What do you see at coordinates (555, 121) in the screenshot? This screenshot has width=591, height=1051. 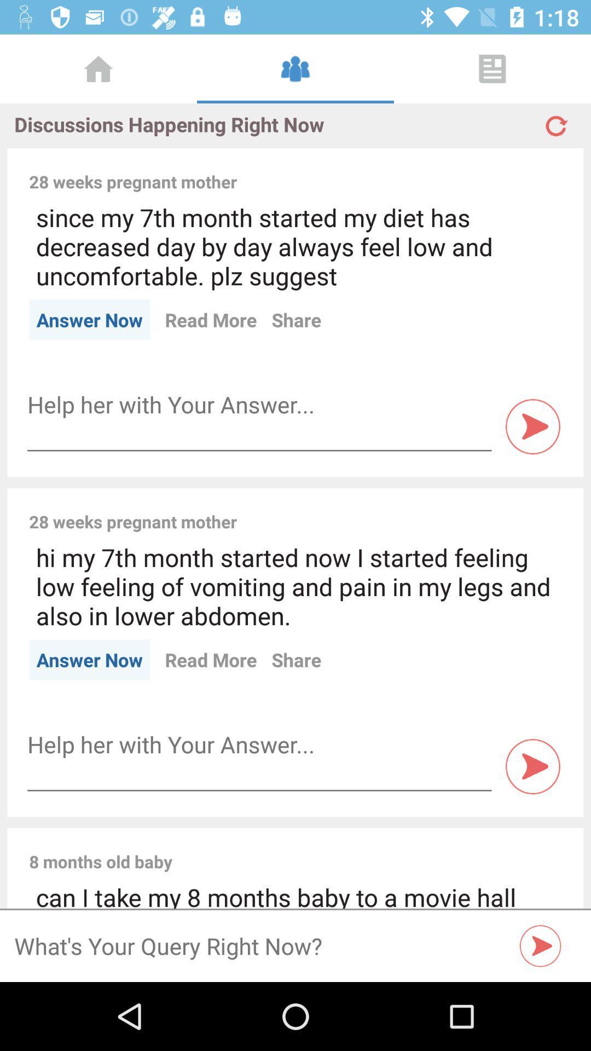 I see `refresh` at bounding box center [555, 121].